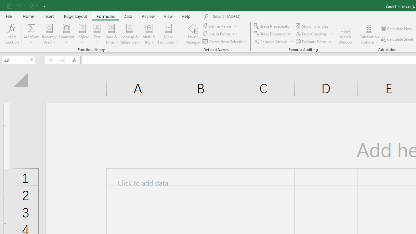 The image size is (416, 234). Describe the element at coordinates (225, 42) in the screenshot. I see `'Create from Selection...'` at that location.